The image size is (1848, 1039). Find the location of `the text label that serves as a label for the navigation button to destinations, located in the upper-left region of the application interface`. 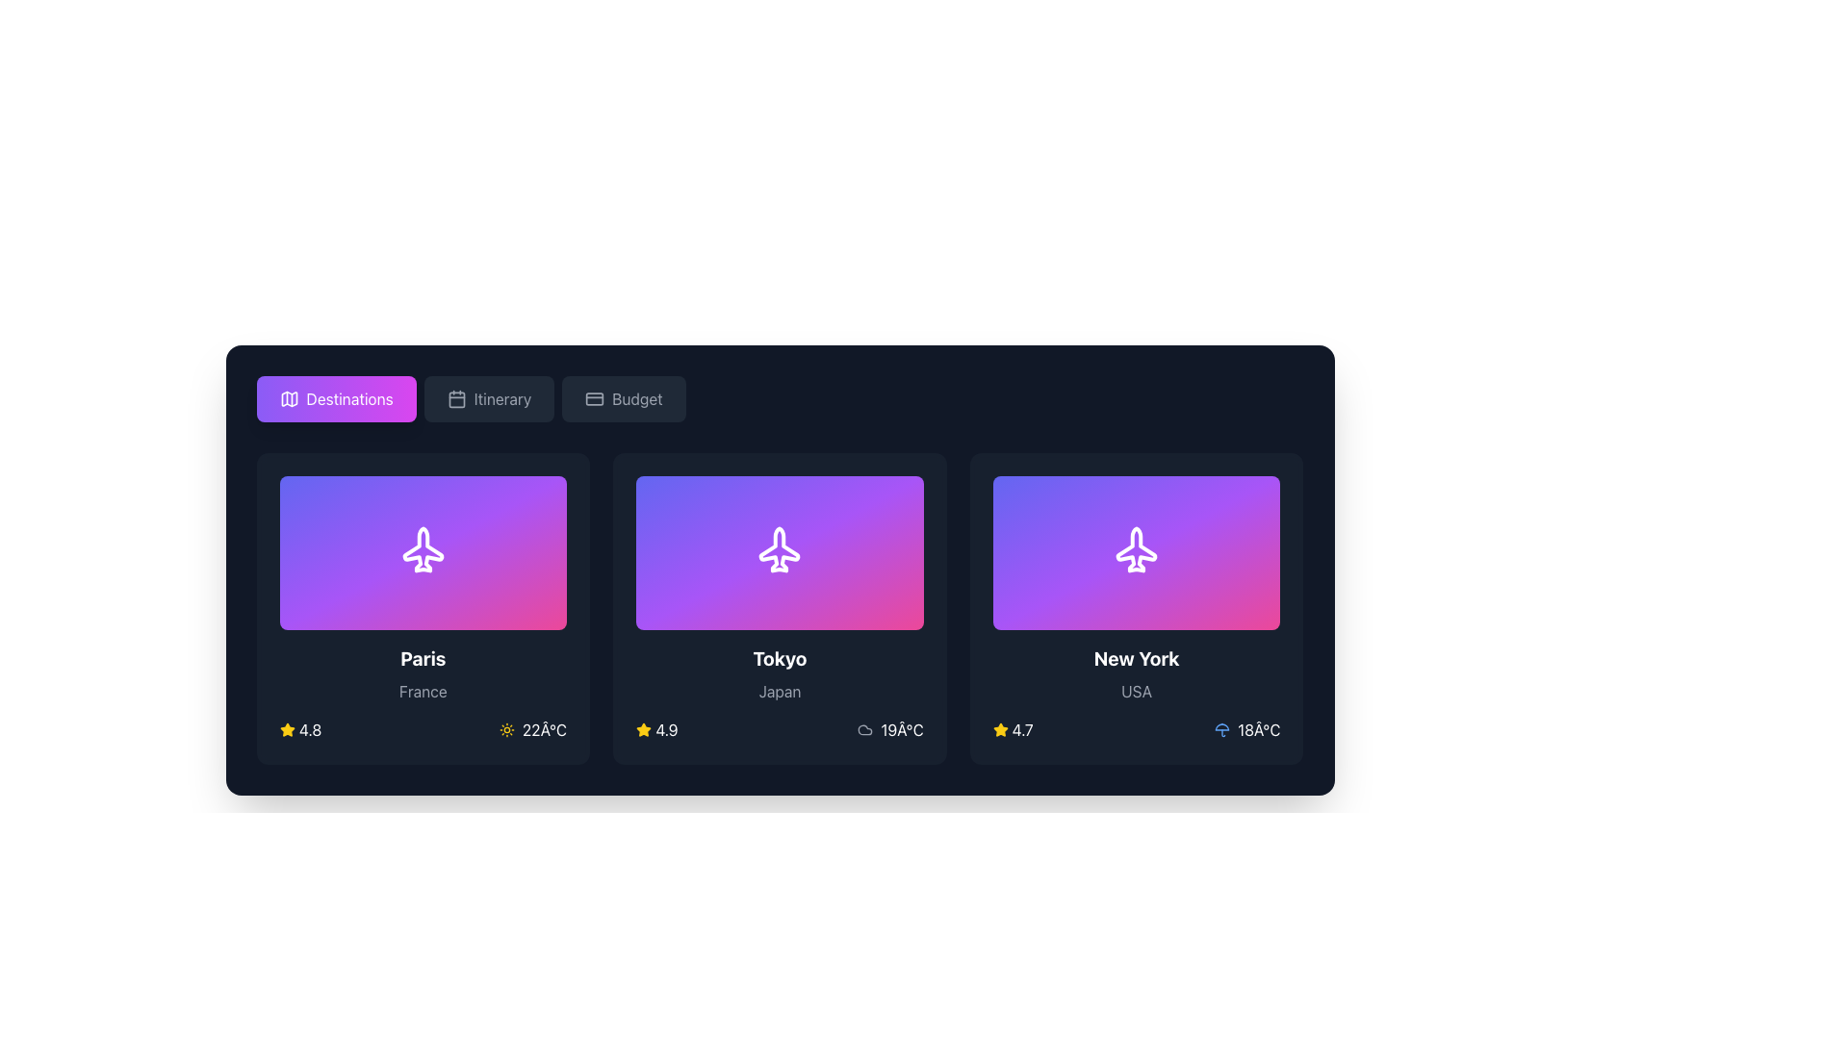

the text label that serves as a label for the navigation button to destinations, located in the upper-left region of the application interface is located at coordinates (349, 398).